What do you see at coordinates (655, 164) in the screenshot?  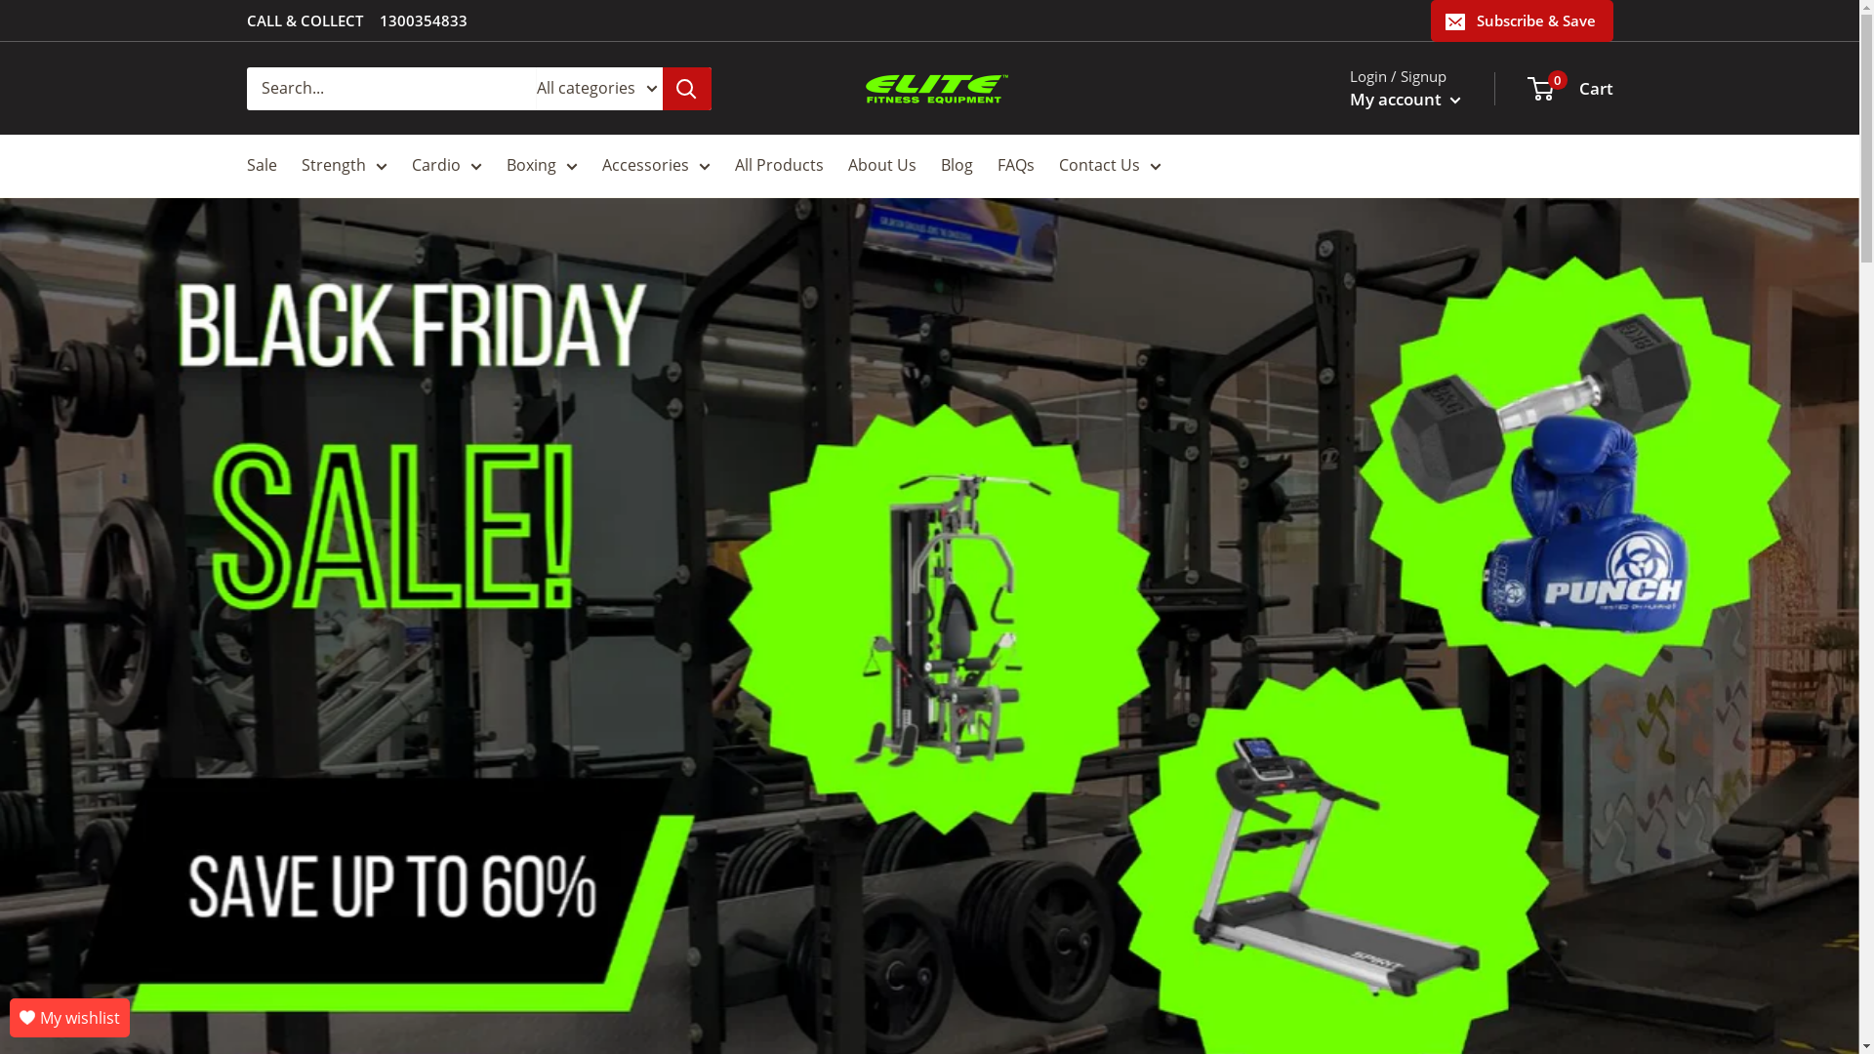 I see `'Accessories'` at bounding box center [655, 164].